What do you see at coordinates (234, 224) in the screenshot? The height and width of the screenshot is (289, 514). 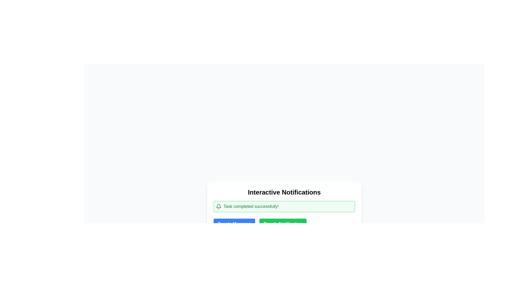 I see `the 'Toggle Message' button, which is a rectangular button with rounded corners and a vibrant blue background` at bounding box center [234, 224].